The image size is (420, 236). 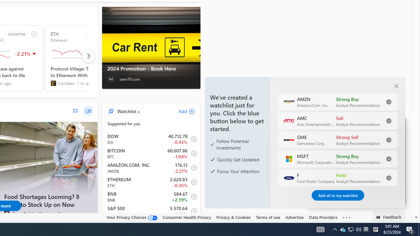 What do you see at coordinates (233, 217) in the screenshot?
I see `'Privacy & Cookies'` at bounding box center [233, 217].